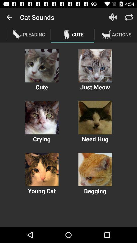 This screenshot has height=243, width=137. What do you see at coordinates (9, 17) in the screenshot?
I see `app next to the cat sounds item` at bounding box center [9, 17].